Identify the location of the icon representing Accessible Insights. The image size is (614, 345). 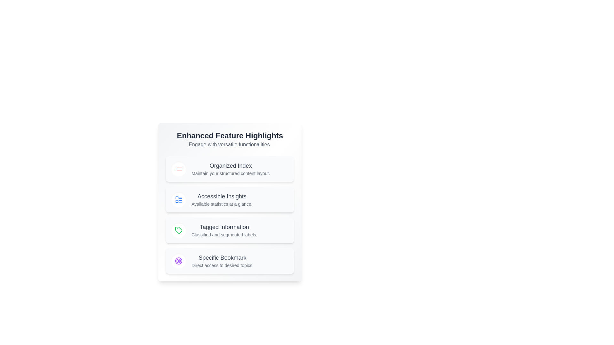
(178, 199).